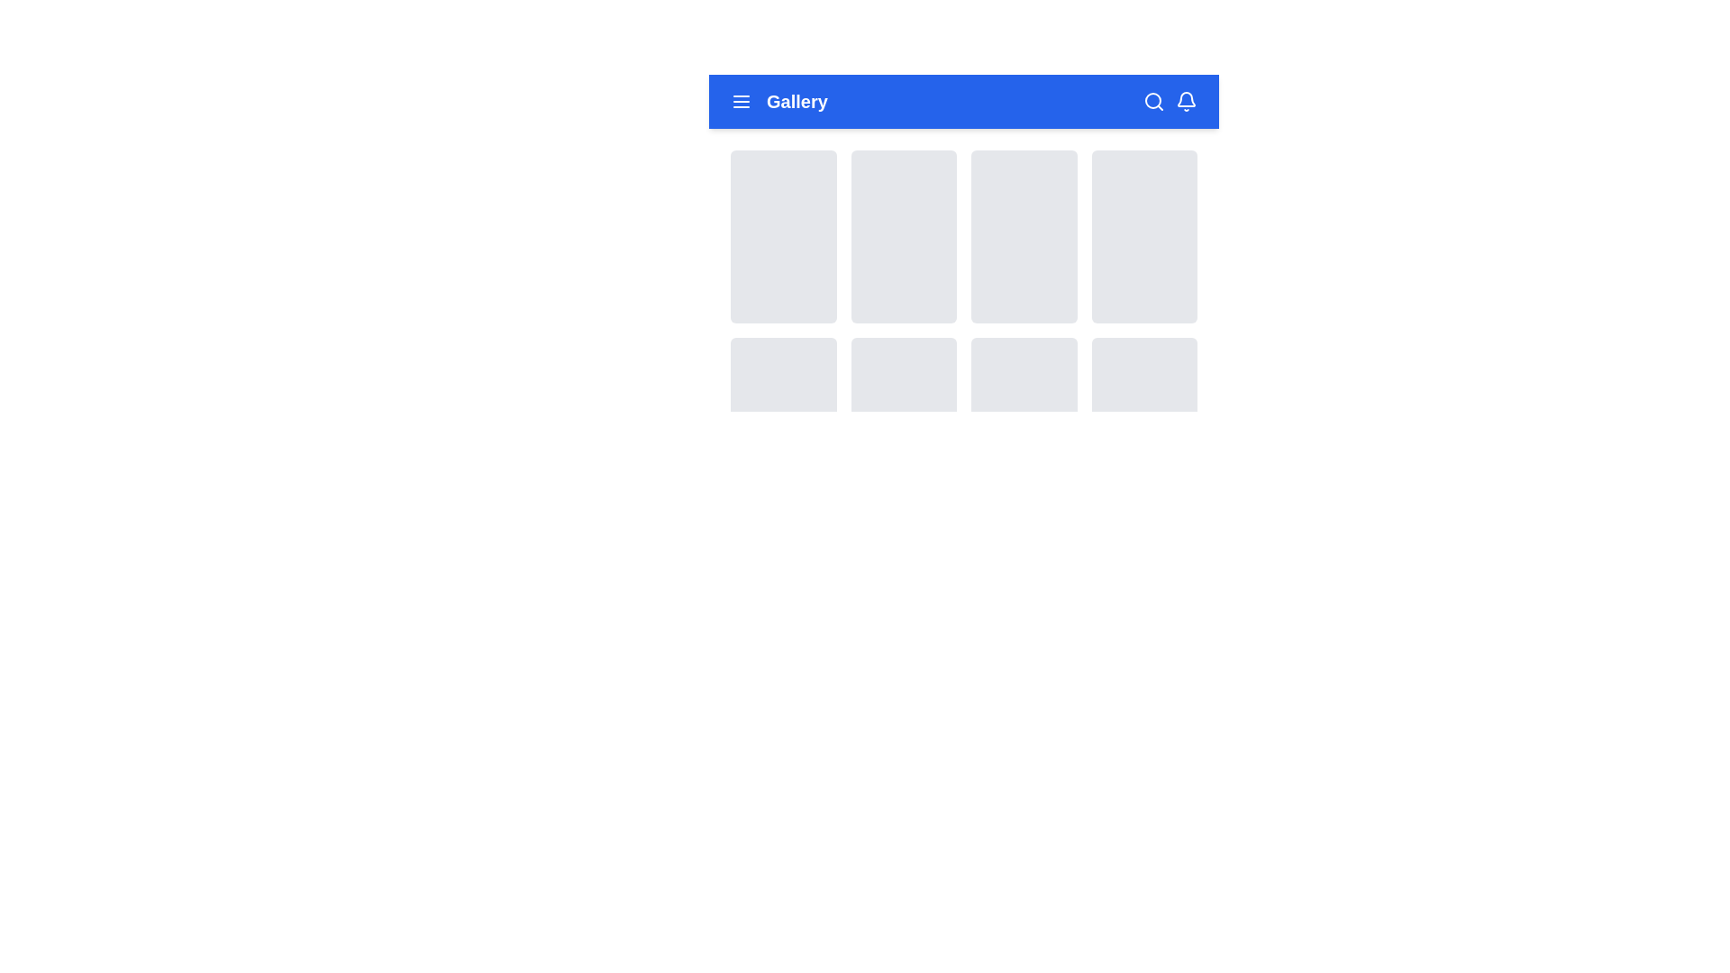 The width and height of the screenshot is (1730, 973). Describe the element at coordinates (796, 101) in the screenshot. I see `the static text label reading 'Gallery' which is styled in white, extra large, bold font, located within the blue navigation bar near the left side, positioned to the right of a hamburger menu icon` at that location.